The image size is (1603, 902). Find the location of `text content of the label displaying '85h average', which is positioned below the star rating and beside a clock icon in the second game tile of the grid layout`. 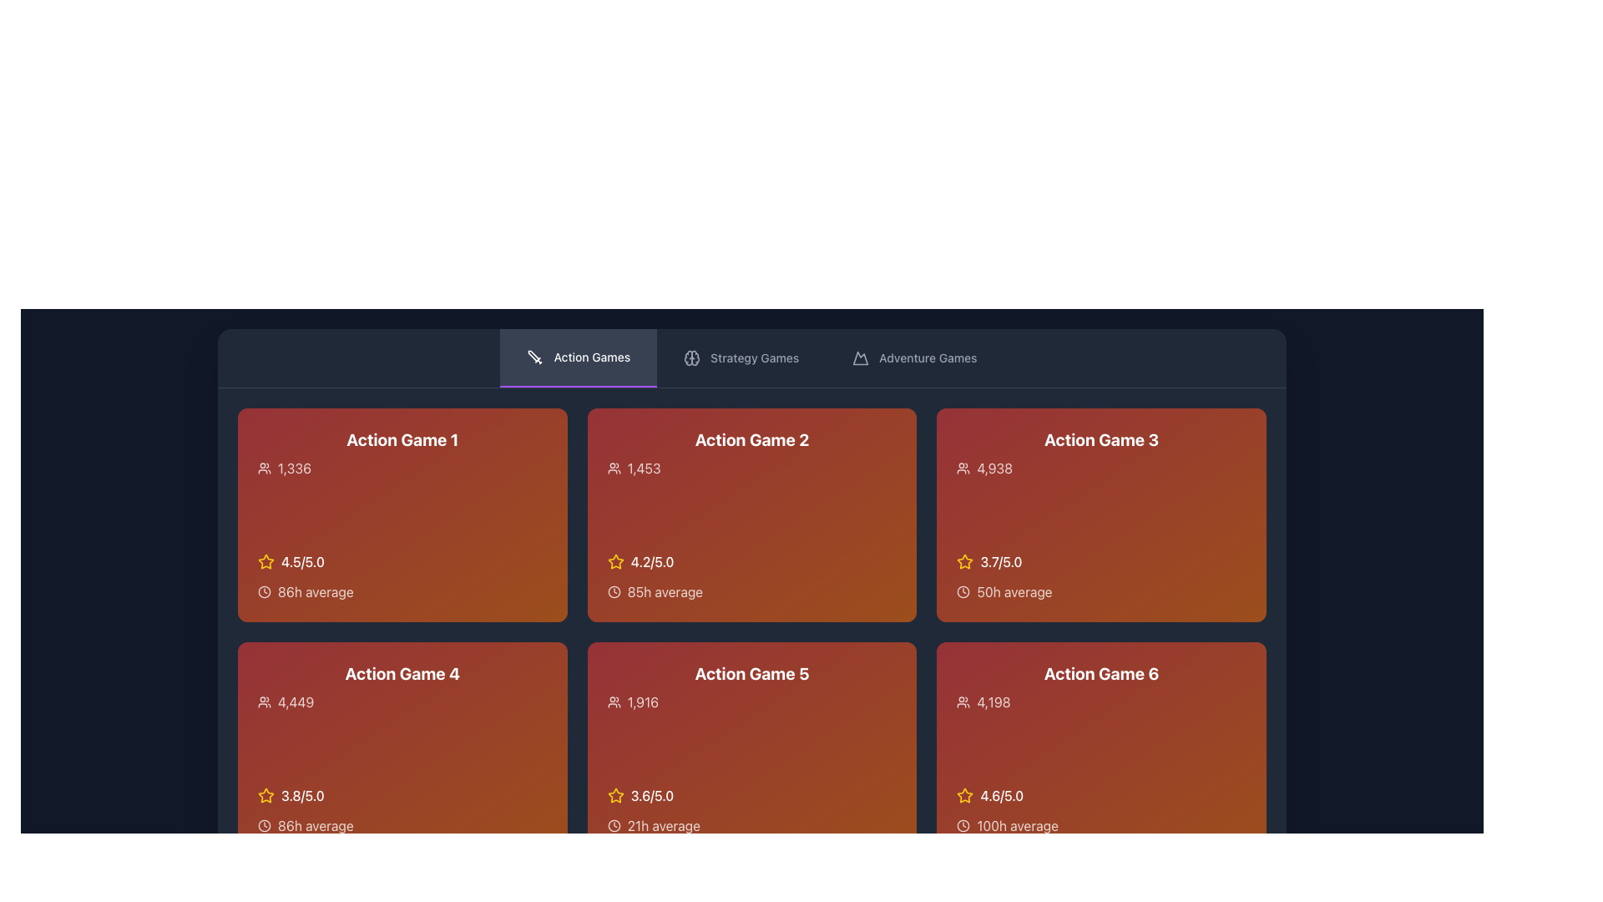

text content of the label displaying '85h average', which is positioned below the star rating and beside a clock icon in the second game tile of the grid layout is located at coordinates (664, 591).